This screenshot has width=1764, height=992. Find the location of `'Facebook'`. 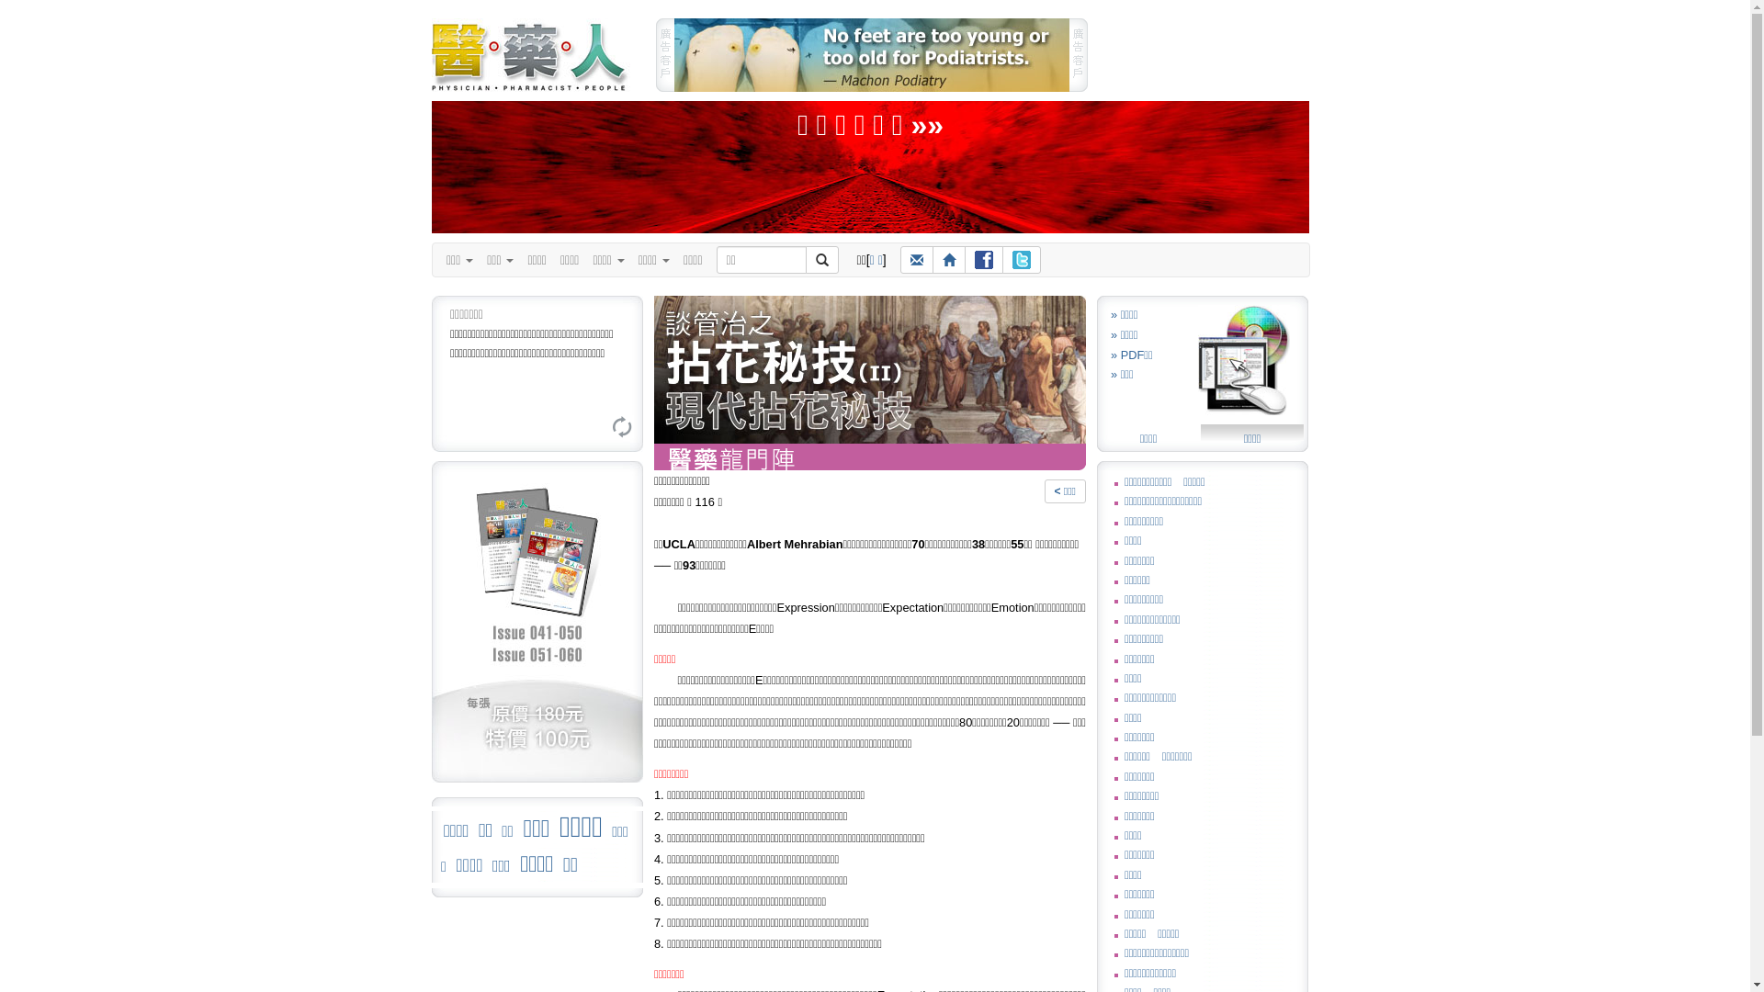

'Facebook' is located at coordinates (982, 259).